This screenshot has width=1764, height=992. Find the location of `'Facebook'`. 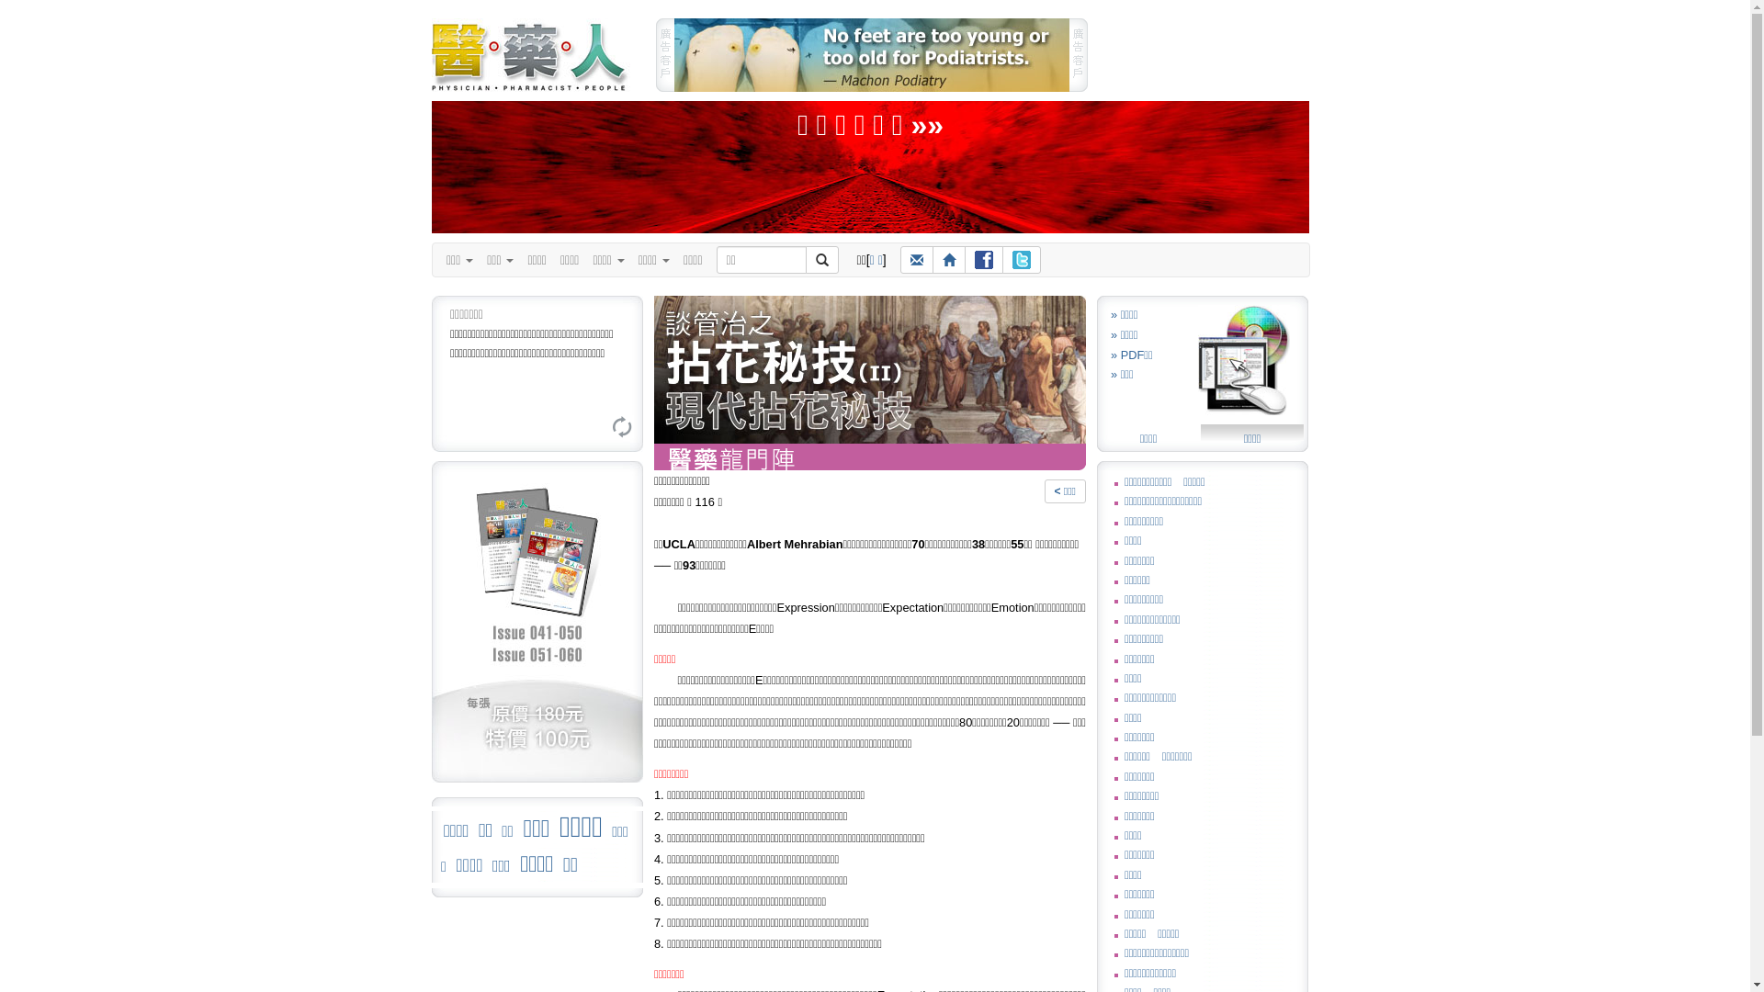

'Facebook' is located at coordinates (982, 259).